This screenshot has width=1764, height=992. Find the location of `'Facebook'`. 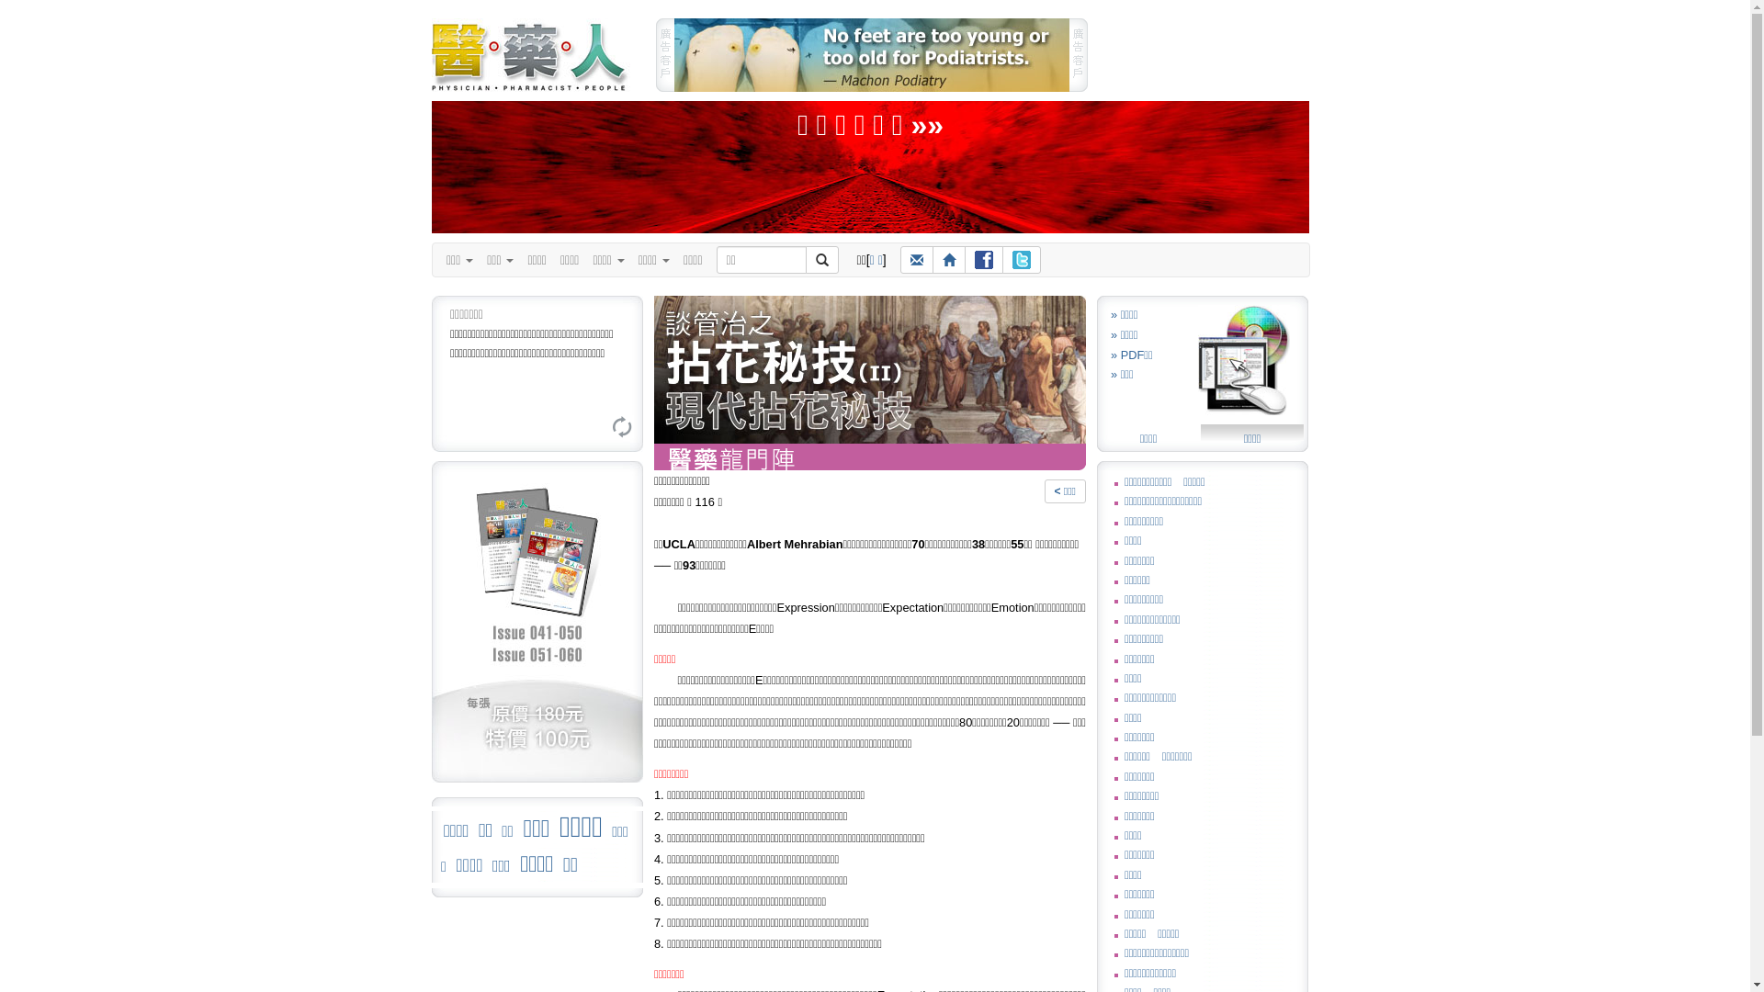

'Facebook' is located at coordinates (982, 259).